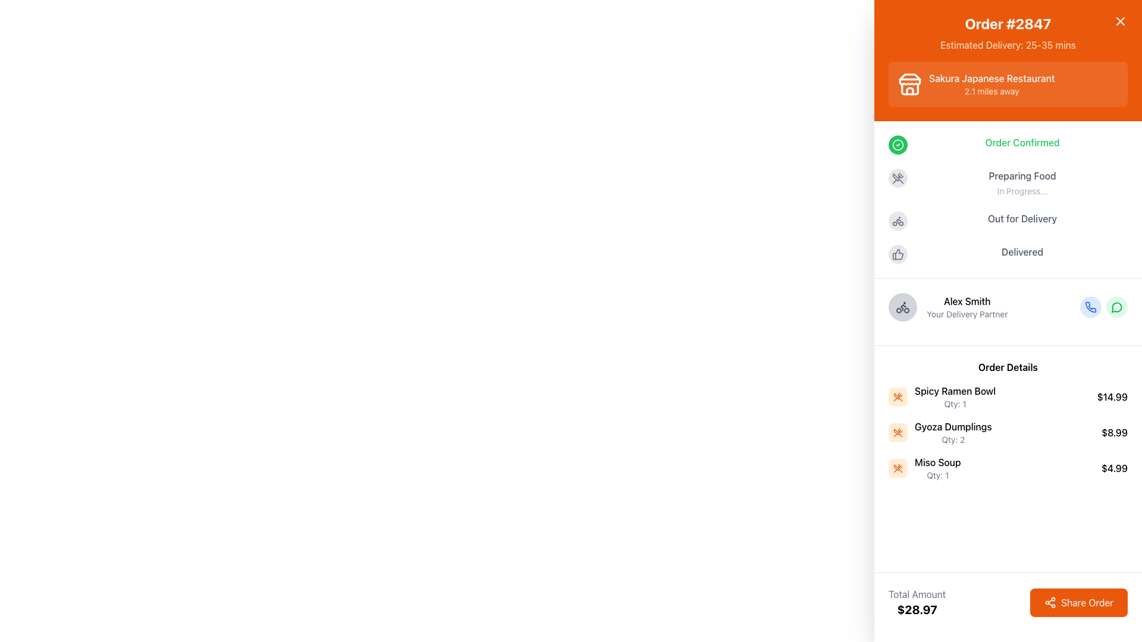  Describe the element at coordinates (898, 178) in the screenshot. I see `the gray outlined icon depicting crossed utensils (fork and spoon) located in the middle of the right sidebar, adjacent to a textual status indicator` at that location.